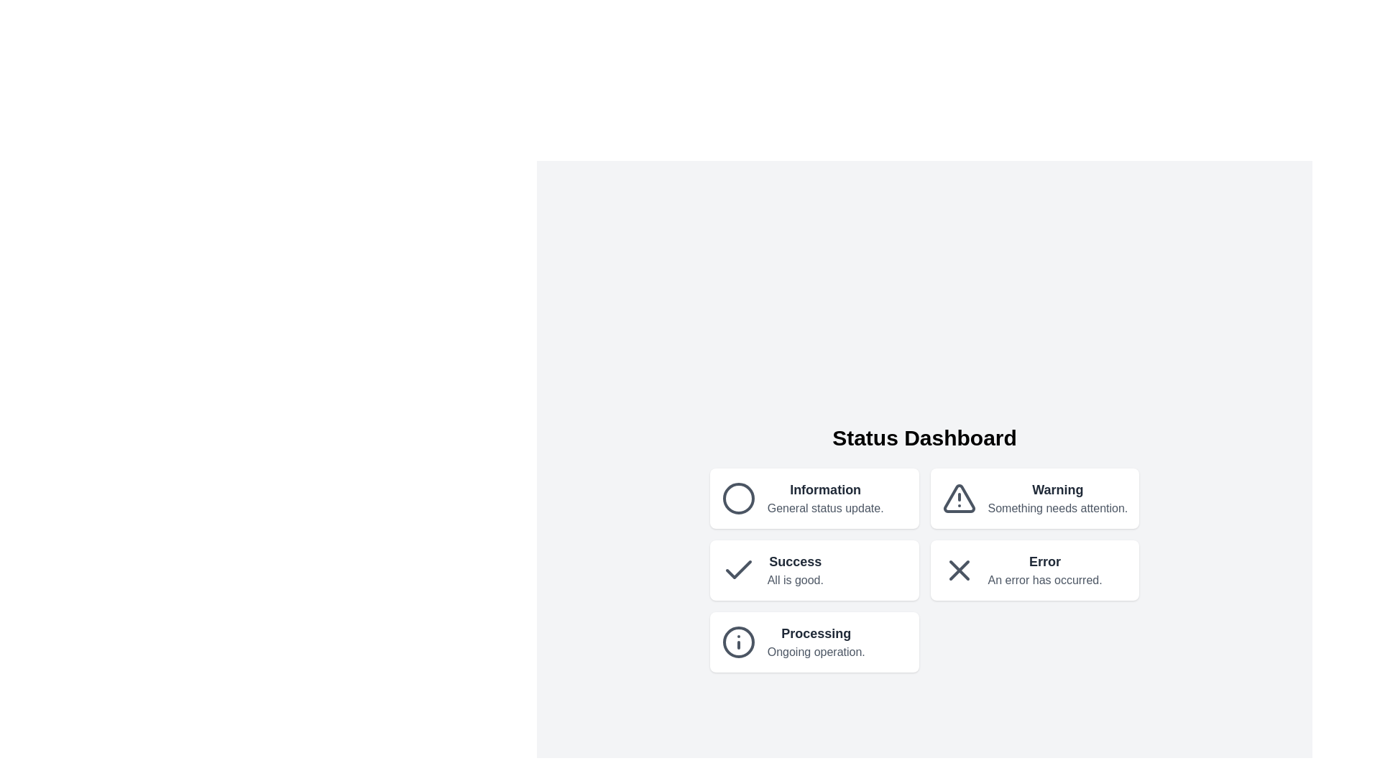 This screenshot has width=1380, height=776. I want to click on the error status icon (SVG) located, so click(959, 570).